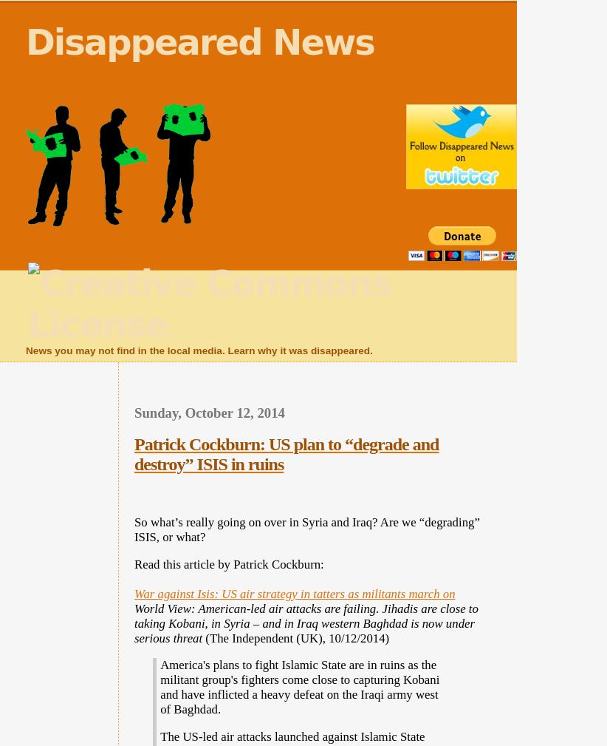 The height and width of the screenshot is (746, 607). What do you see at coordinates (25, 41) in the screenshot?
I see `'Disappeared News'` at bounding box center [25, 41].